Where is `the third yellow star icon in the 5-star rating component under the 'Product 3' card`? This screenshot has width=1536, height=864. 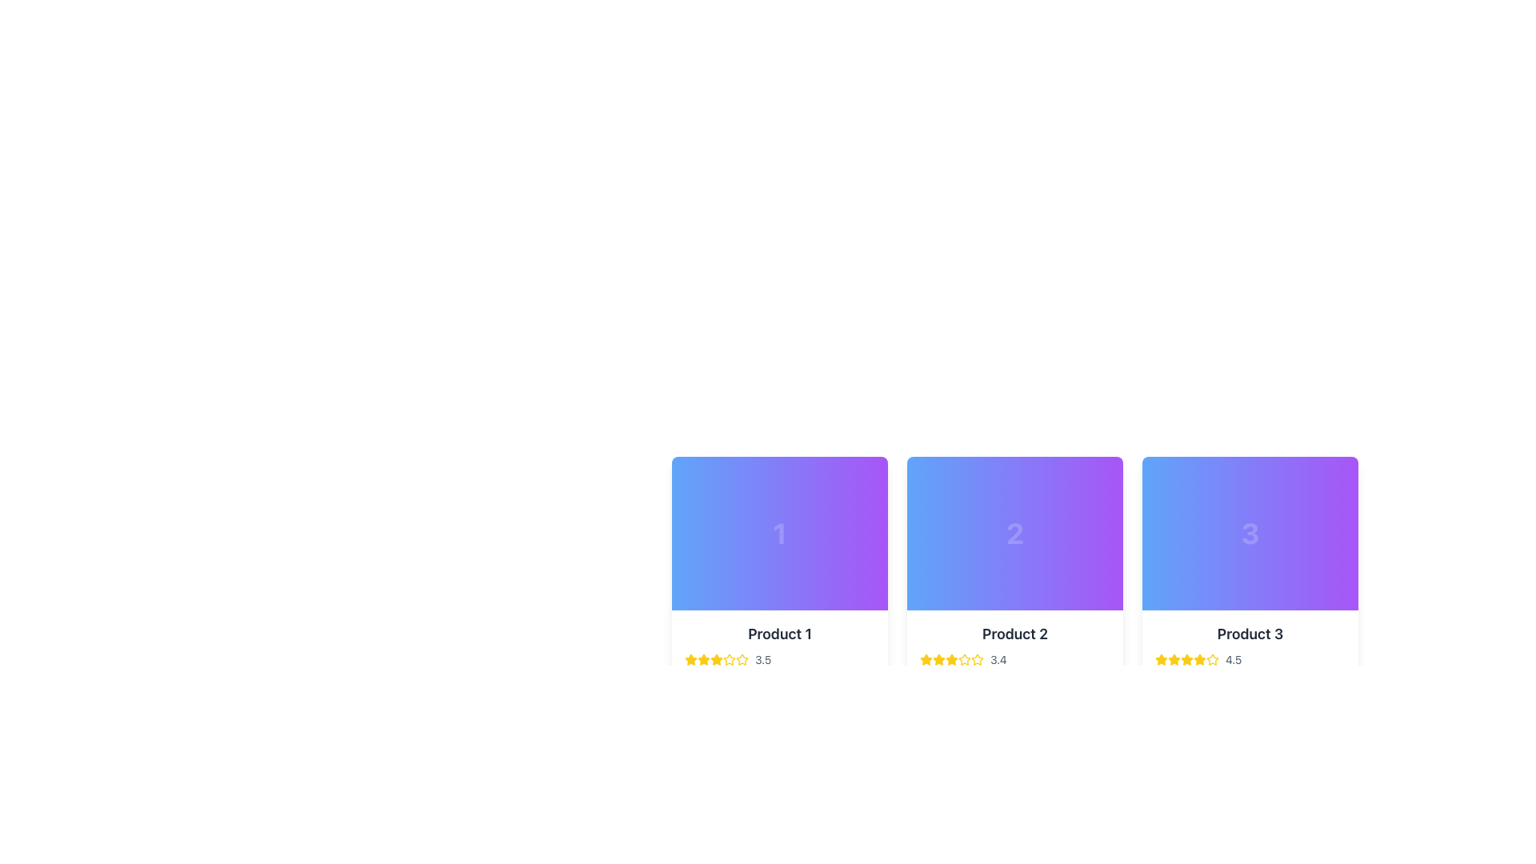
the third yellow star icon in the 5-star rating component under the 'Product 3' card is located at coordinates (1174, 660).